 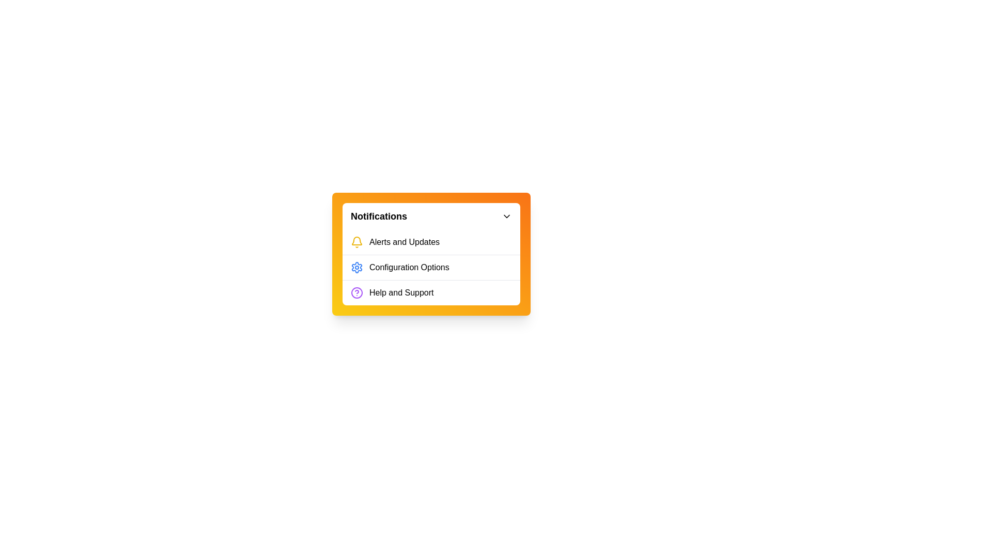 I want to click on the 'Configuration Options' item in the NotificationPanel, so click(x=431, y=267).